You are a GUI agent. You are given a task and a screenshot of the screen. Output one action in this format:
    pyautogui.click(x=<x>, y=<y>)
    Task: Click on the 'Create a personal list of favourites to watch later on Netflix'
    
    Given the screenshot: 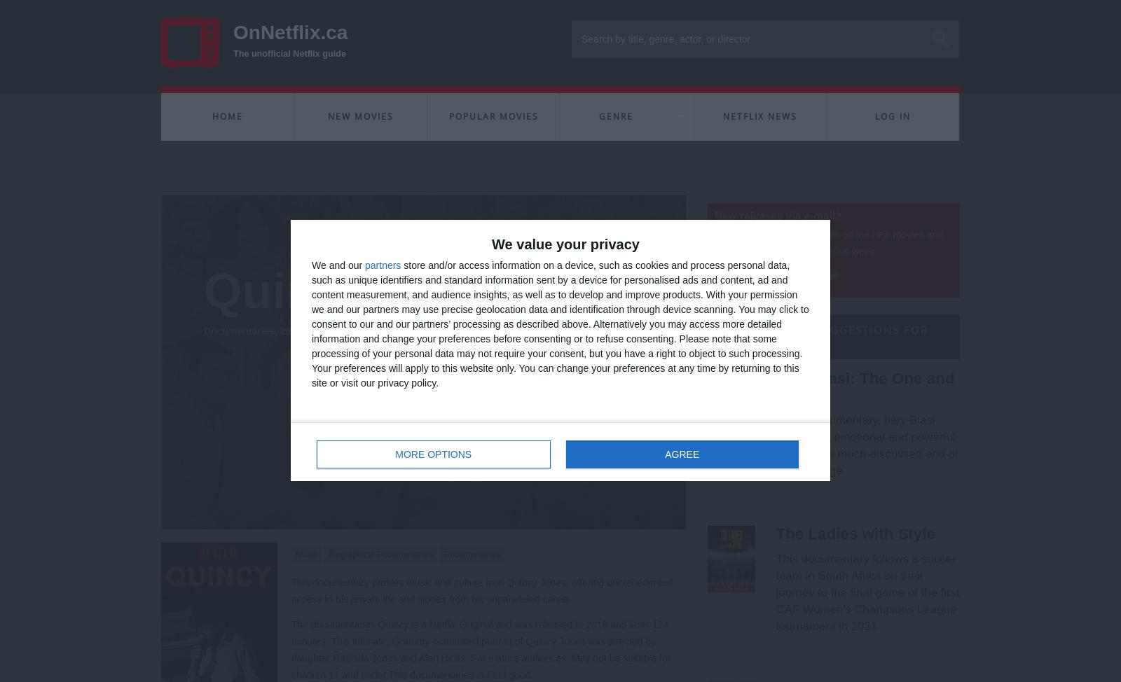 What is the action you would take?
    pyautogui.click(x=526, y=359)
    